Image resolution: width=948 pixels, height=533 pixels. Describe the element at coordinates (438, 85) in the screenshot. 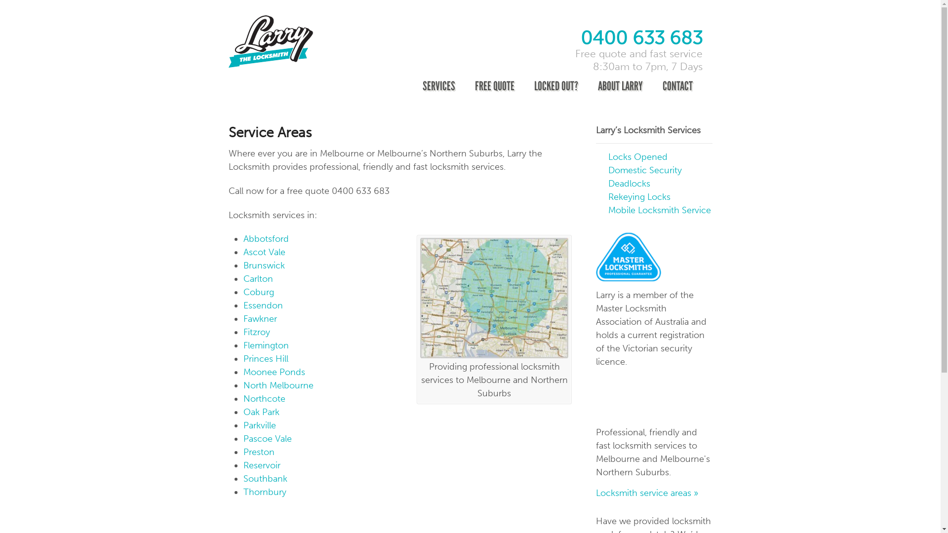

I see `'SERVICES'` at that location.